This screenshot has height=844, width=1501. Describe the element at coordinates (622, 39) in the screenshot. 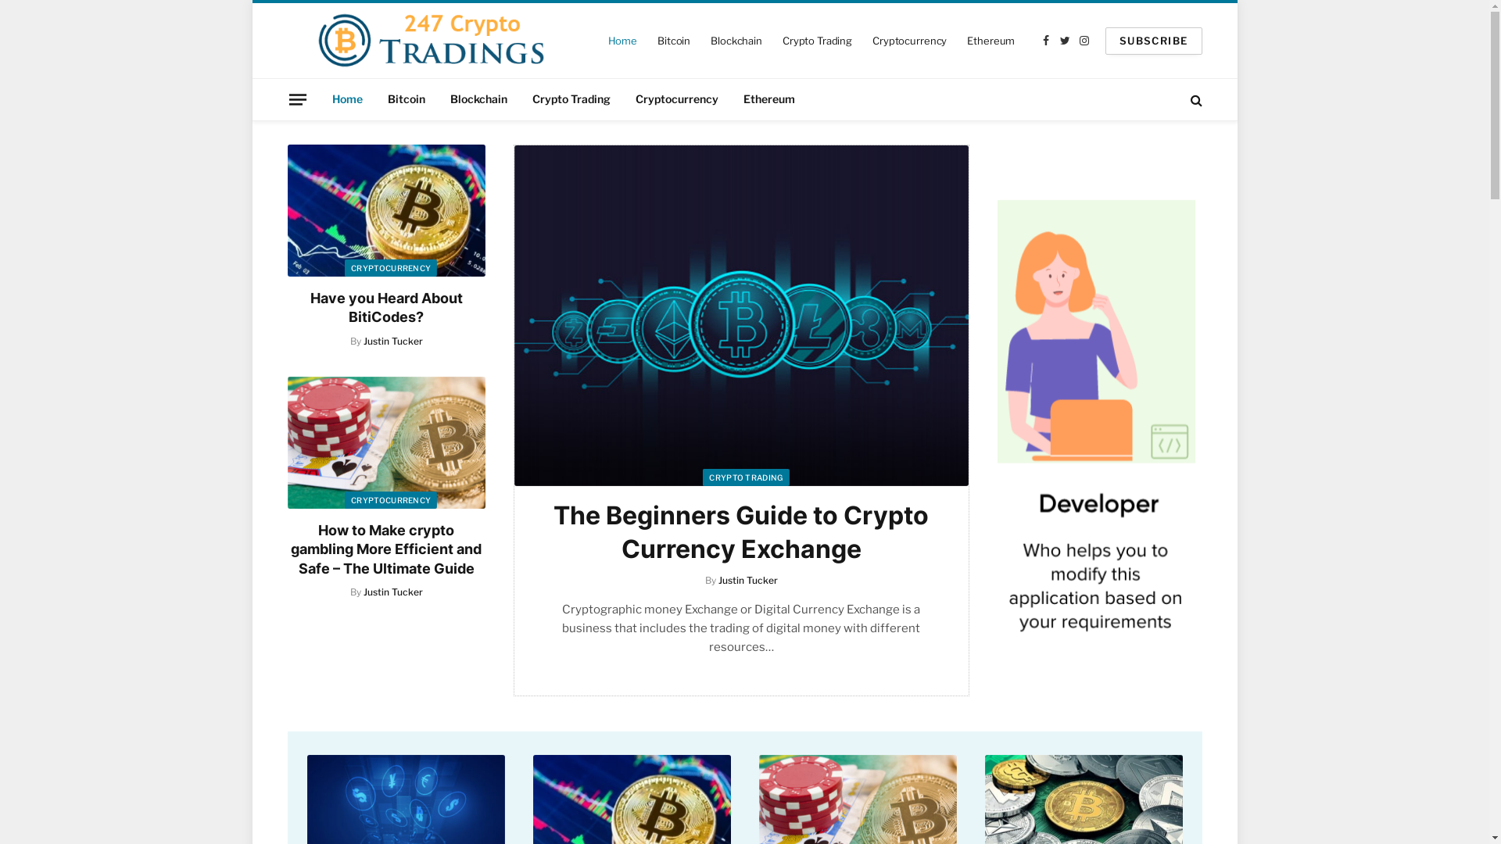

I see `'Home'` at that location.